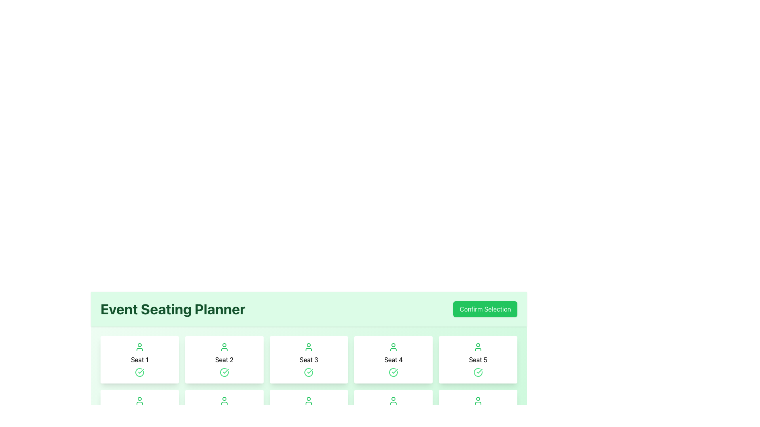 The width and height of the screenshot is (760, 427). What do you see at coordinates (139, 372) in the screenshot?
I see `the circular icon with a green outline and a check mark inside, located underneath the 'Seat 1' label in the card area for 'Seat 1'` at bounding box center [139, 372].